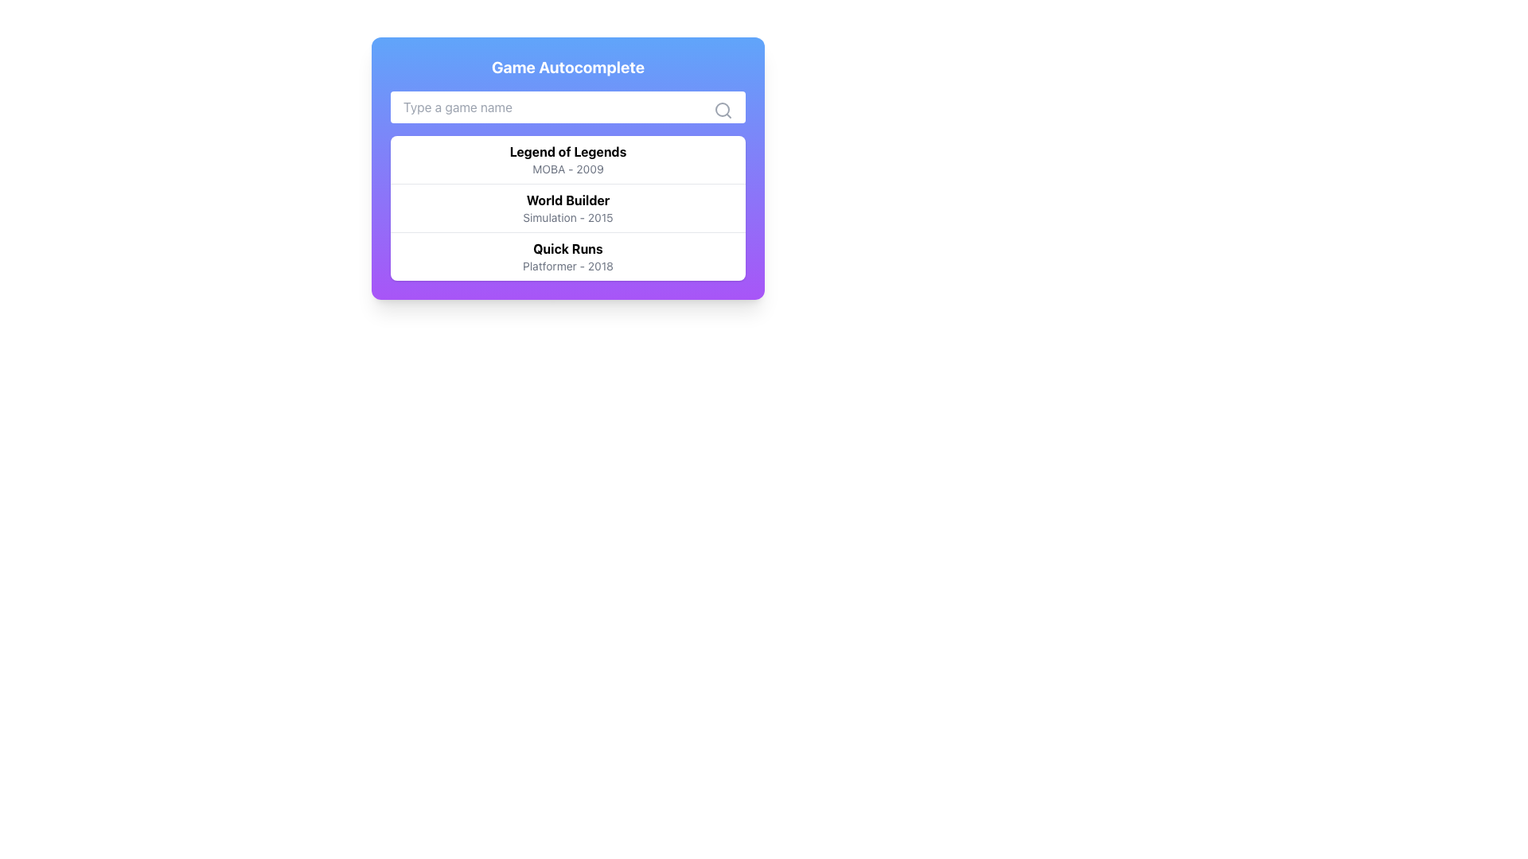 The height and width of the screenshot is (859, 1528). What do you see at coordinates (568, 248) in the screenshot?
I see `the bolded textual label reading 'Quick Runs' in the dropdown menu, which is positioned above the smaller grayed-out text 'Platformer - 2018'` at bounding box center [568, 248].